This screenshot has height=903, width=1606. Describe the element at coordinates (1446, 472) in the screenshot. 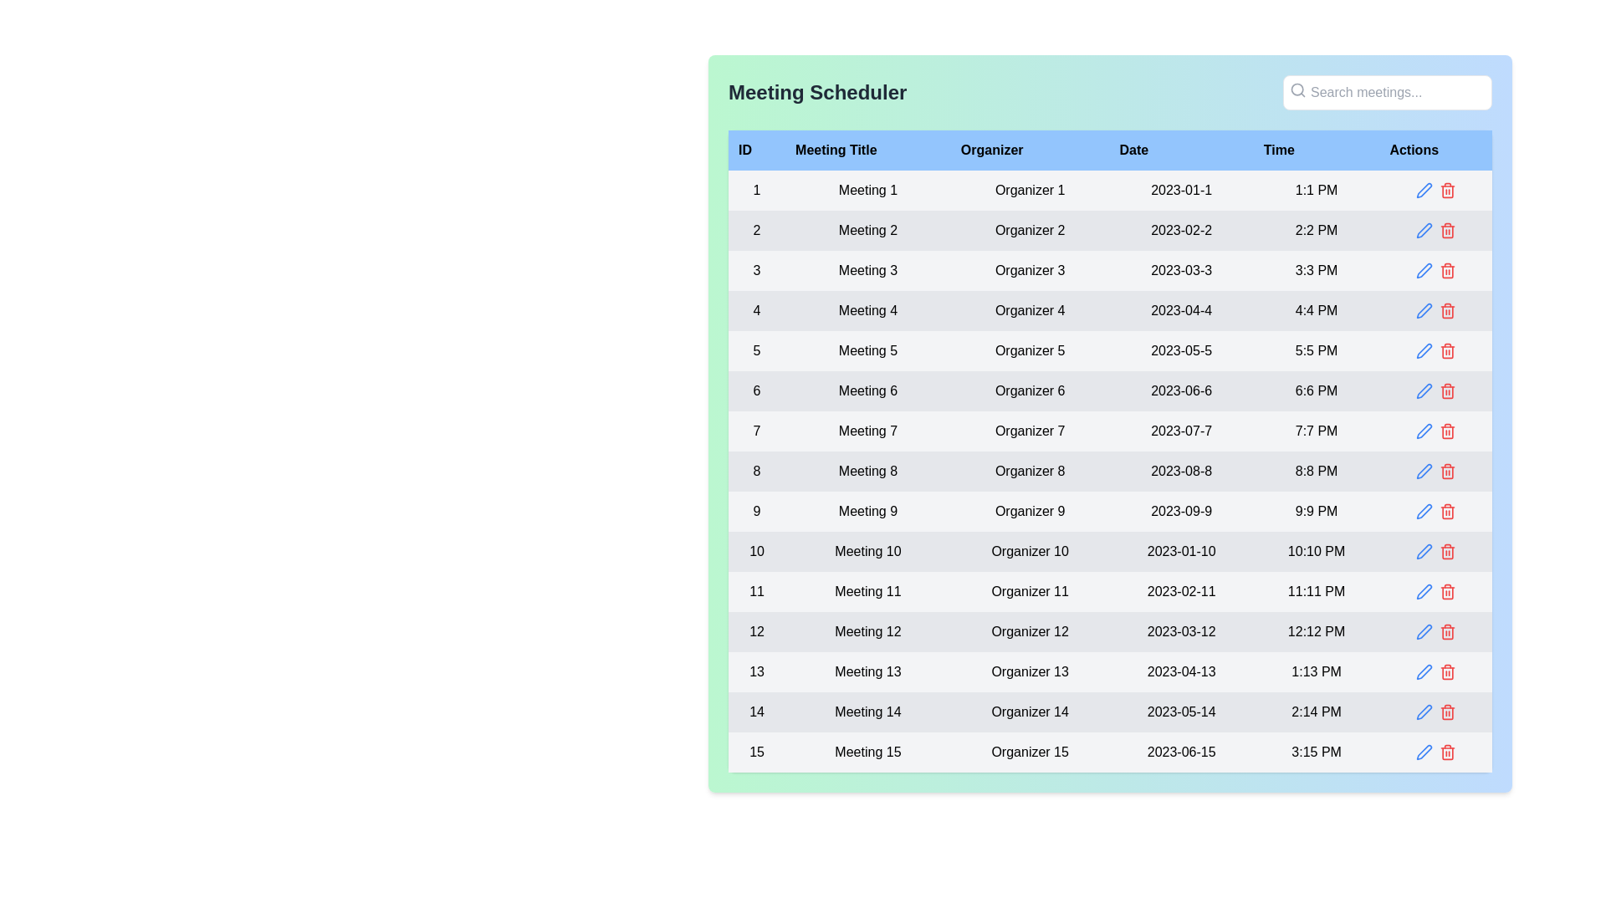

I see `the main body of the trash icon located in the 'Actions' column of the eighth table entry` at that location.